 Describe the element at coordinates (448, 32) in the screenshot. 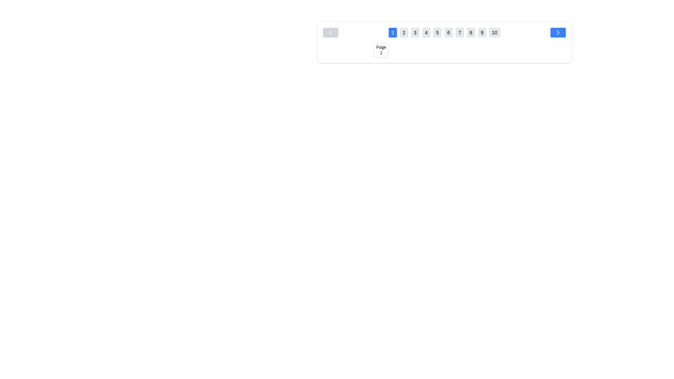

I see `the pagination button labeled '6' with a light gray background` at that location.